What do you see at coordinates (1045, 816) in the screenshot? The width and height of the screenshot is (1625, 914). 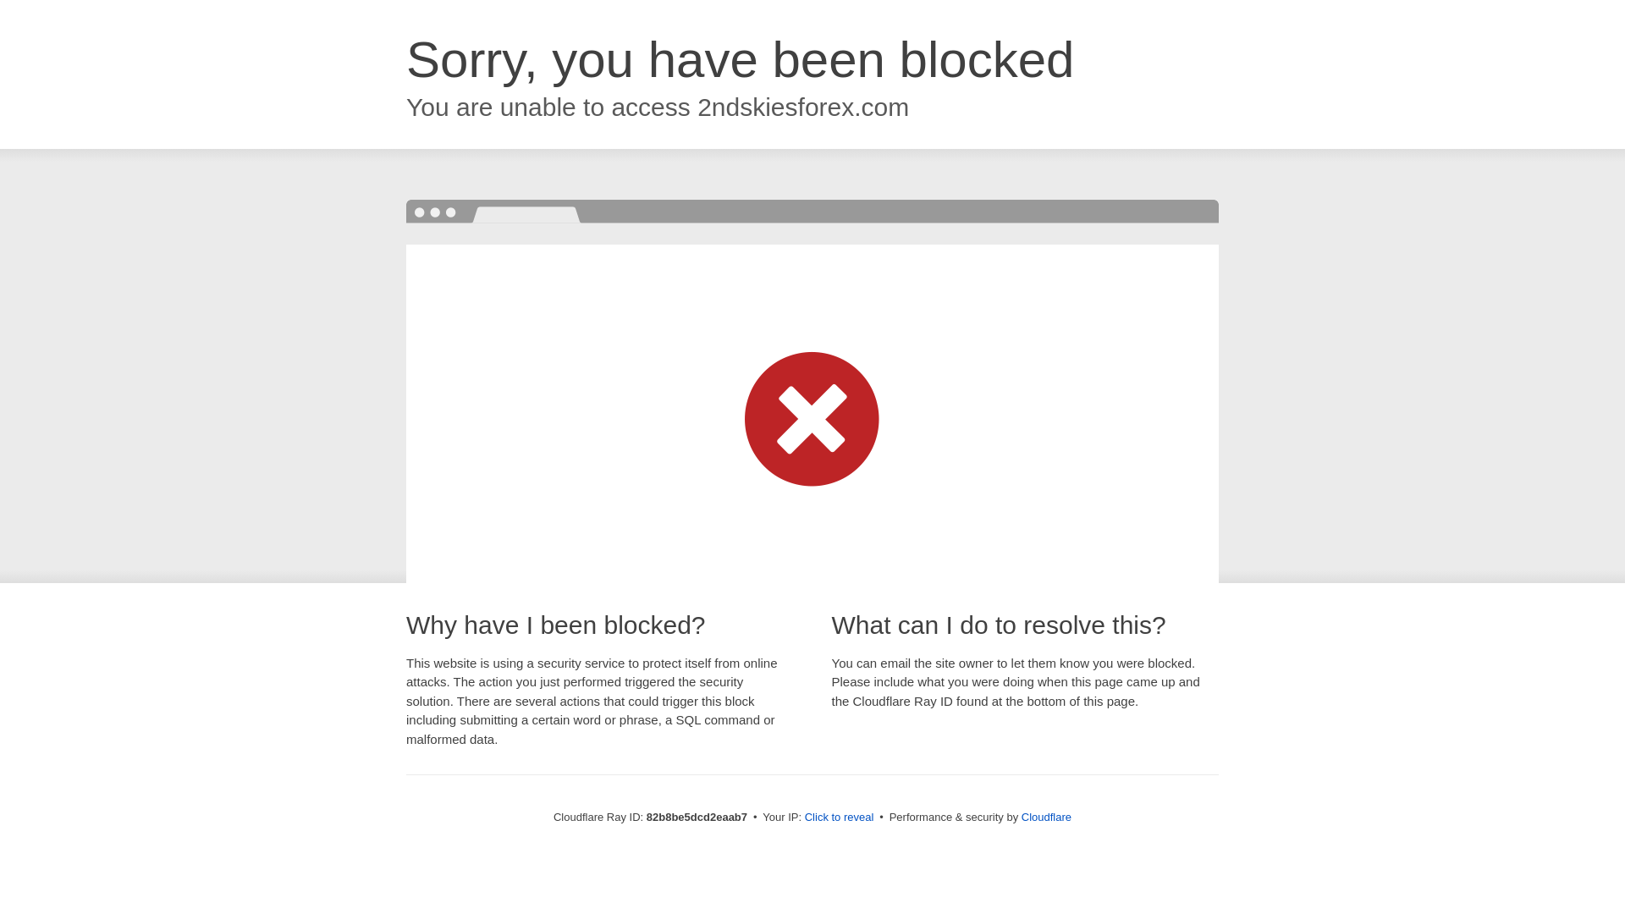 I see `'Cloudflare'` at bounding box center [1045, 816].